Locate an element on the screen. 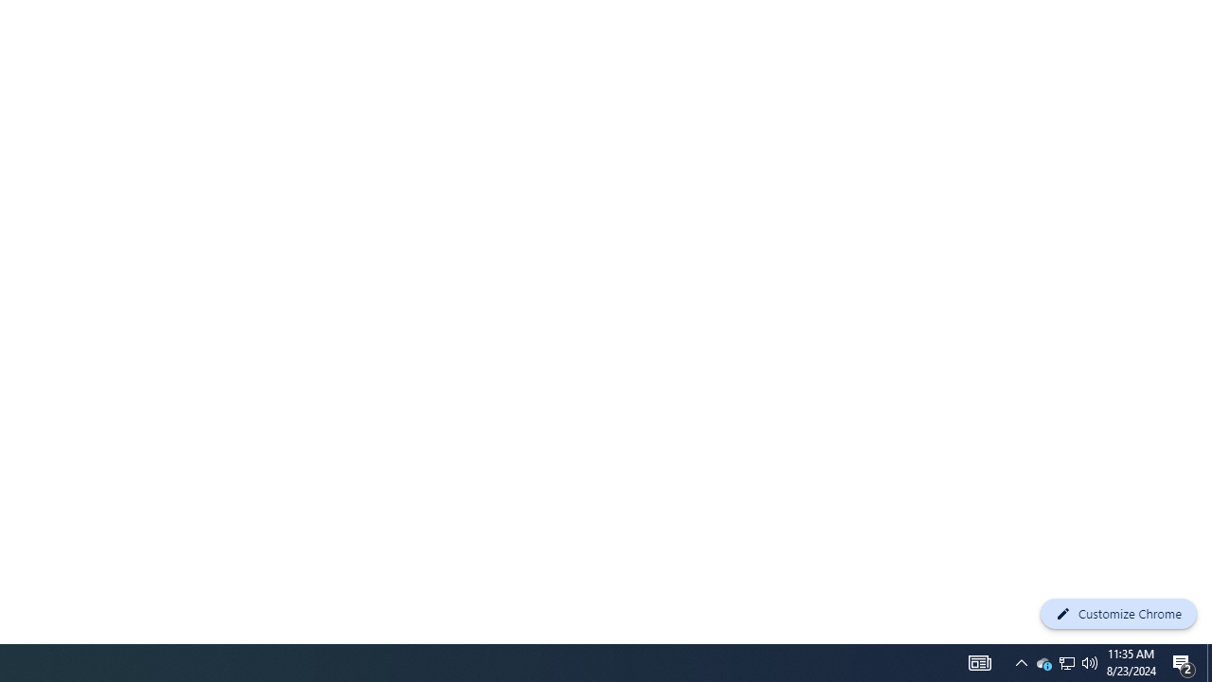  'Customize Chrome' is located at coordinates (1118, 614).